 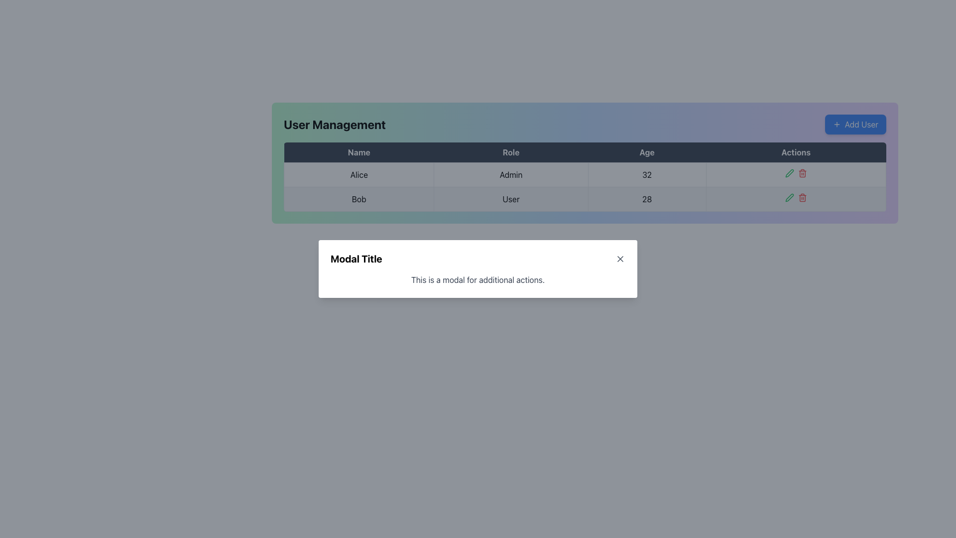 What do you see at coordinates (619, 259) in the screenshot?
I see `the 'X' icon button located in the top-right corner of the modal header, adjacent to the text 'Modal Title', to change its color` at bounding box center [619, 259].